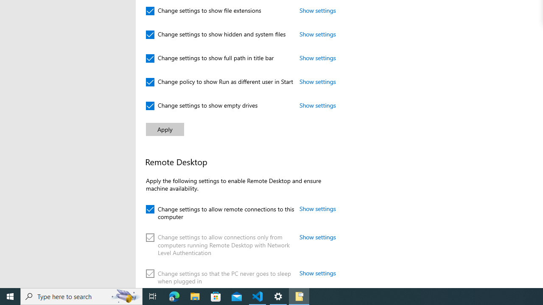  What do you see at coordinates (195, 296) in the screenshot?
I see `'File Explorer'` at bounding box center [195, 296].